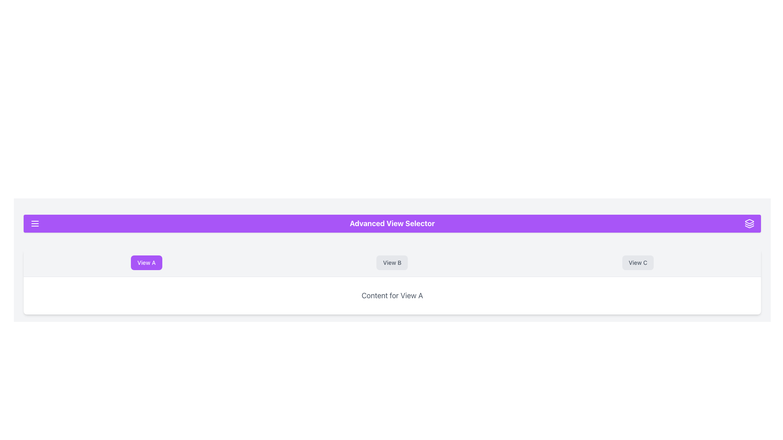 Image resolution: width=783 pixels, height=440 pixels. I want to click on the 'View B' button, which is a rectangular button with a soft gray background, located centrally in the navigation bar below the purple header, so click(392, 262).